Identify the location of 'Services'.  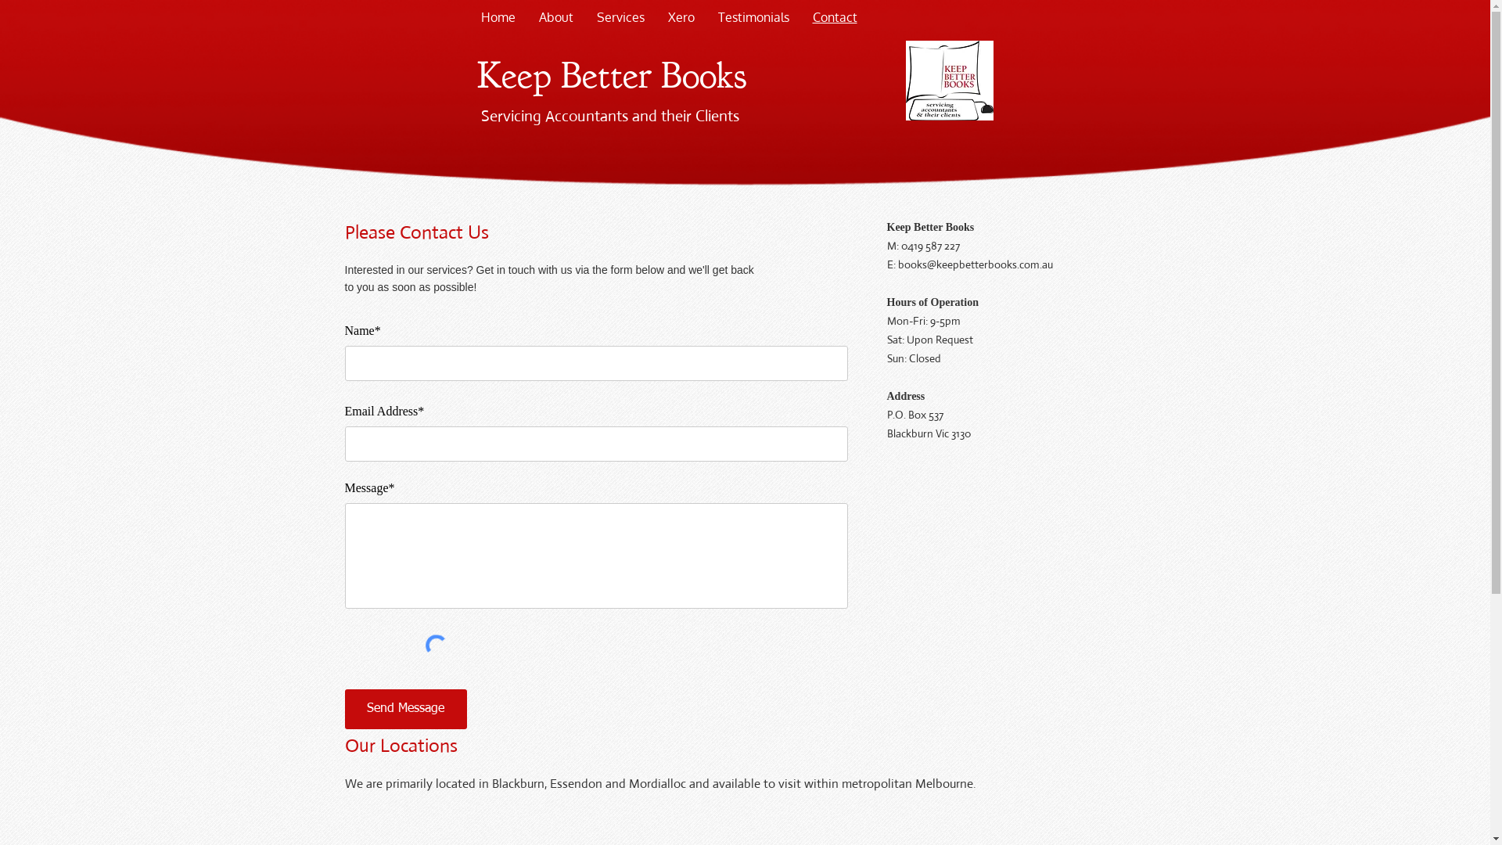
(620, 17).